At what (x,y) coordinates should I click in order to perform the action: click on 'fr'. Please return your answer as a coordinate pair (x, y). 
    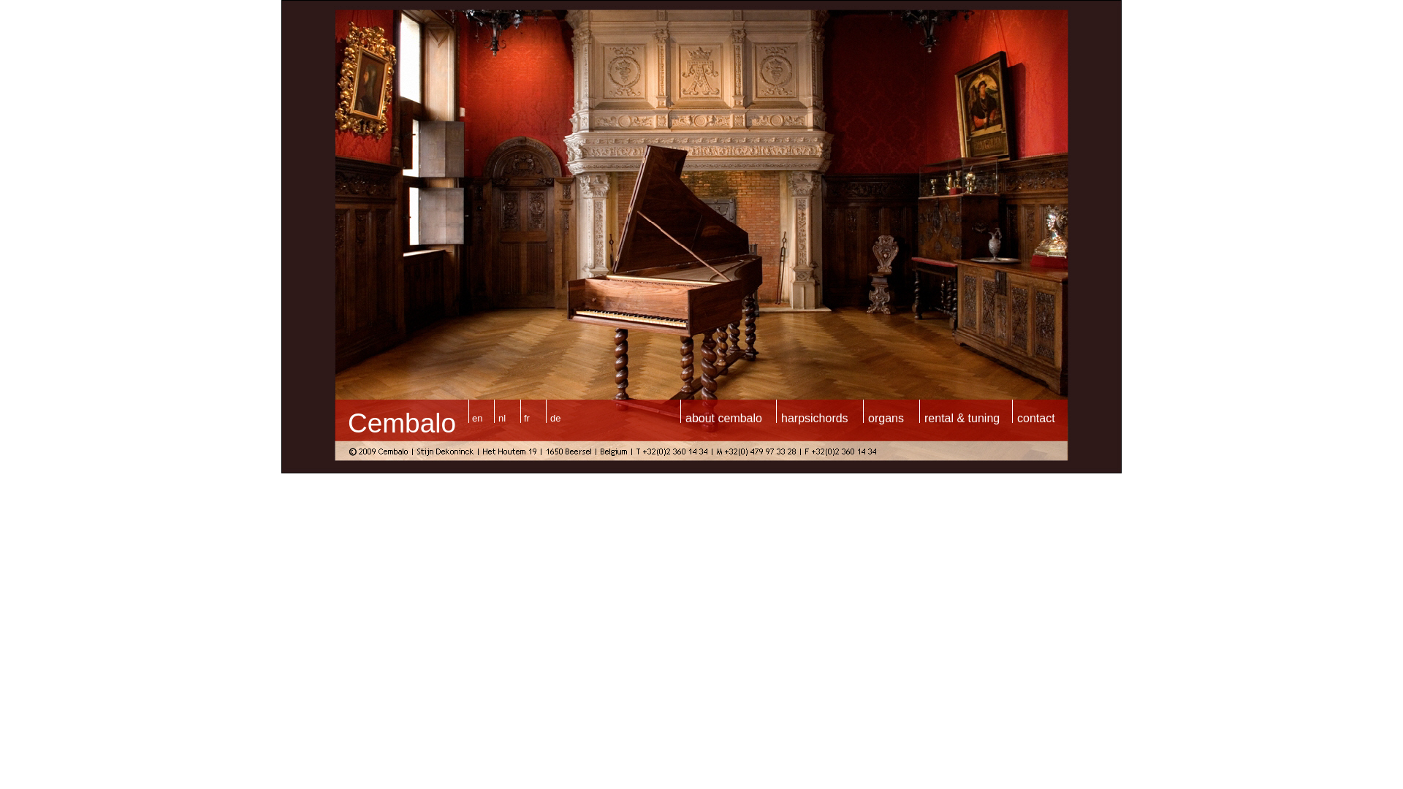
    Looking at the image, I should click on (526, 418).